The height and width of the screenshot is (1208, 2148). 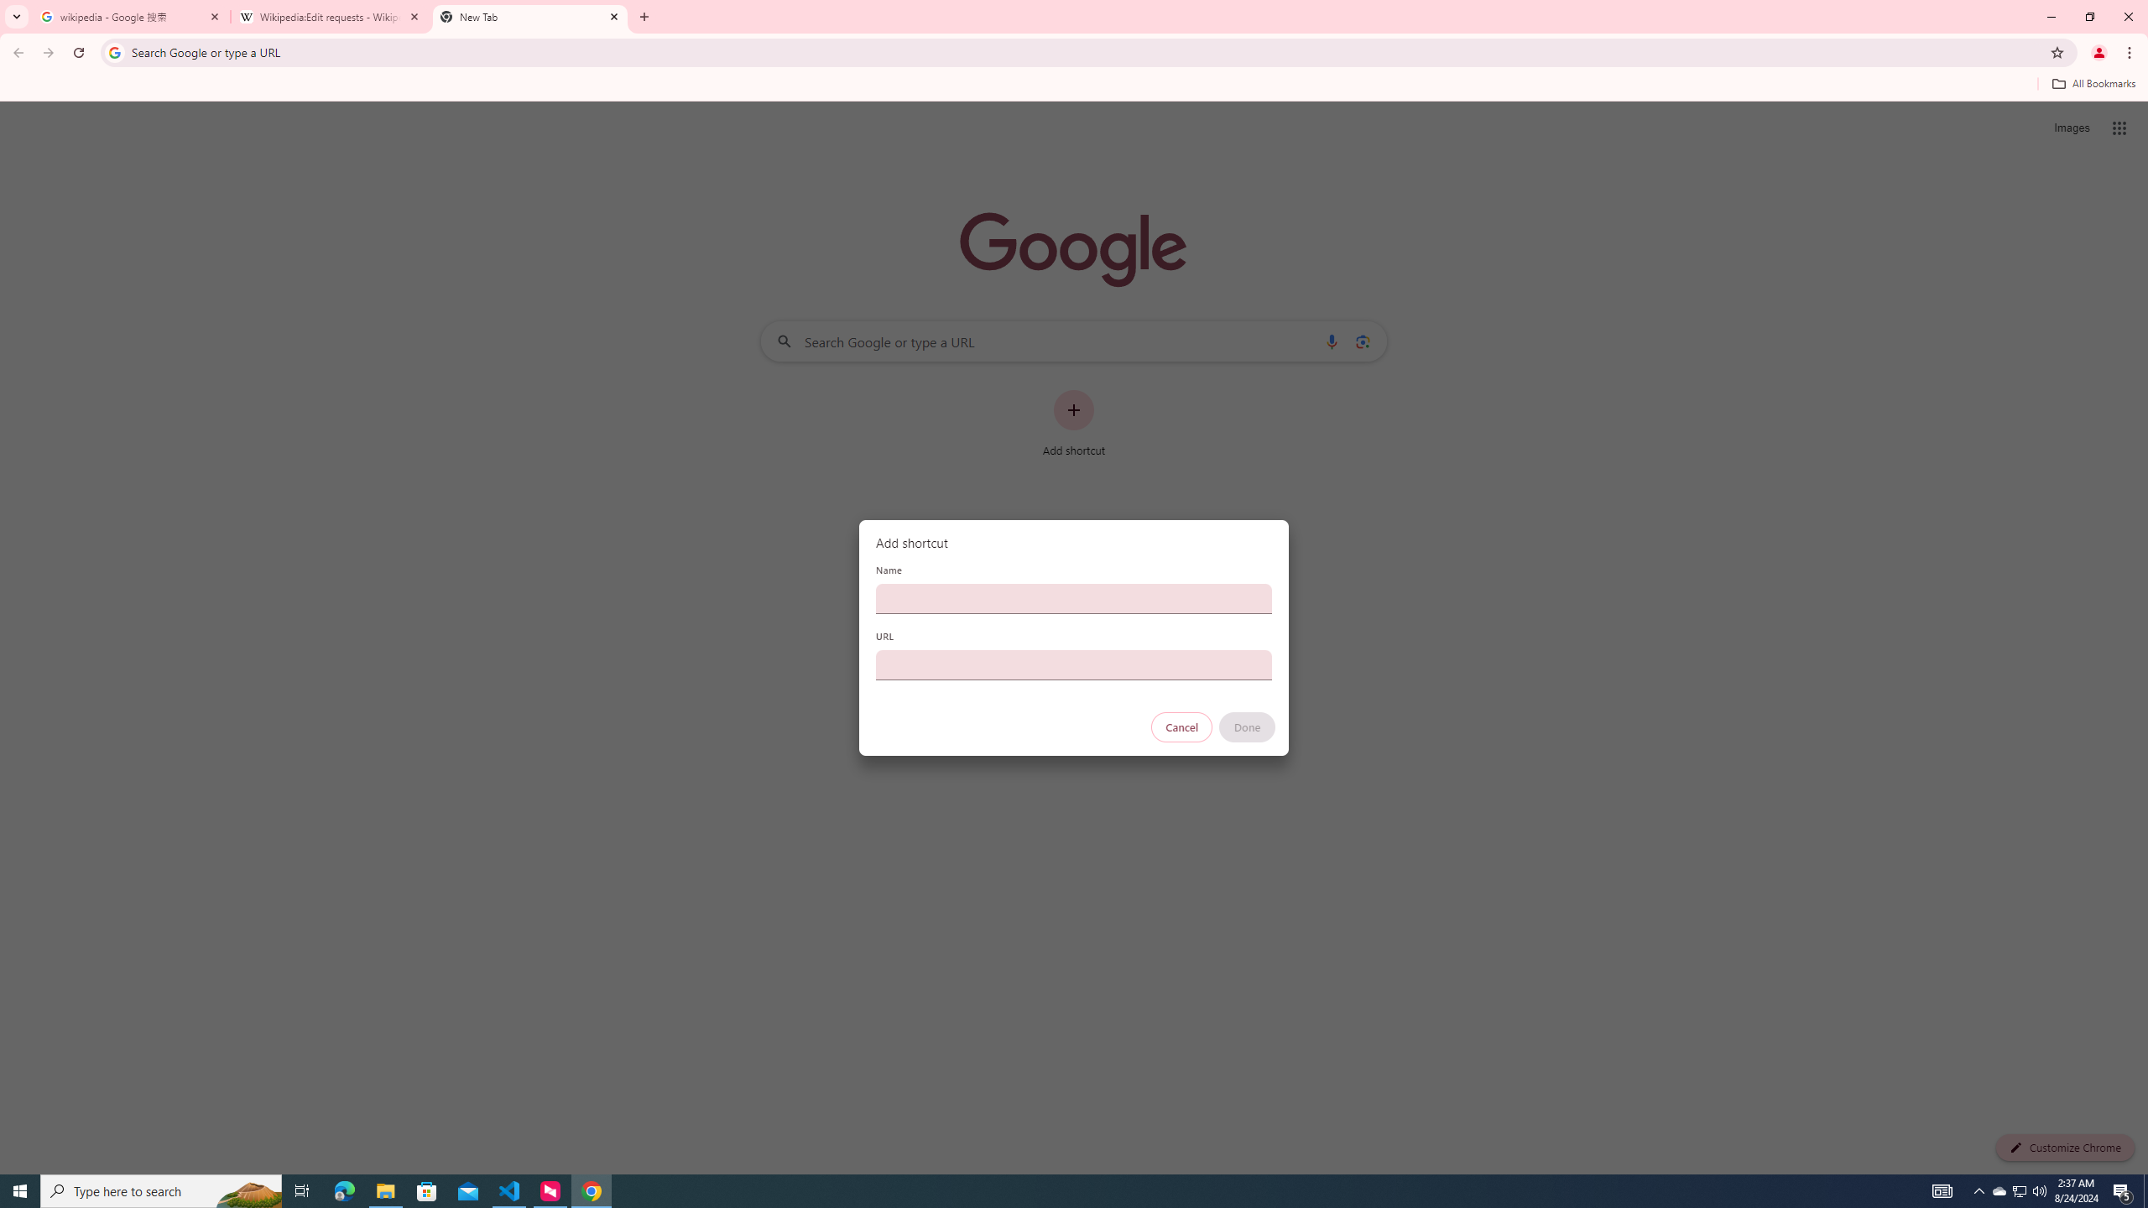 I want to click on 'Search tabs', so click(x=16, y=16).